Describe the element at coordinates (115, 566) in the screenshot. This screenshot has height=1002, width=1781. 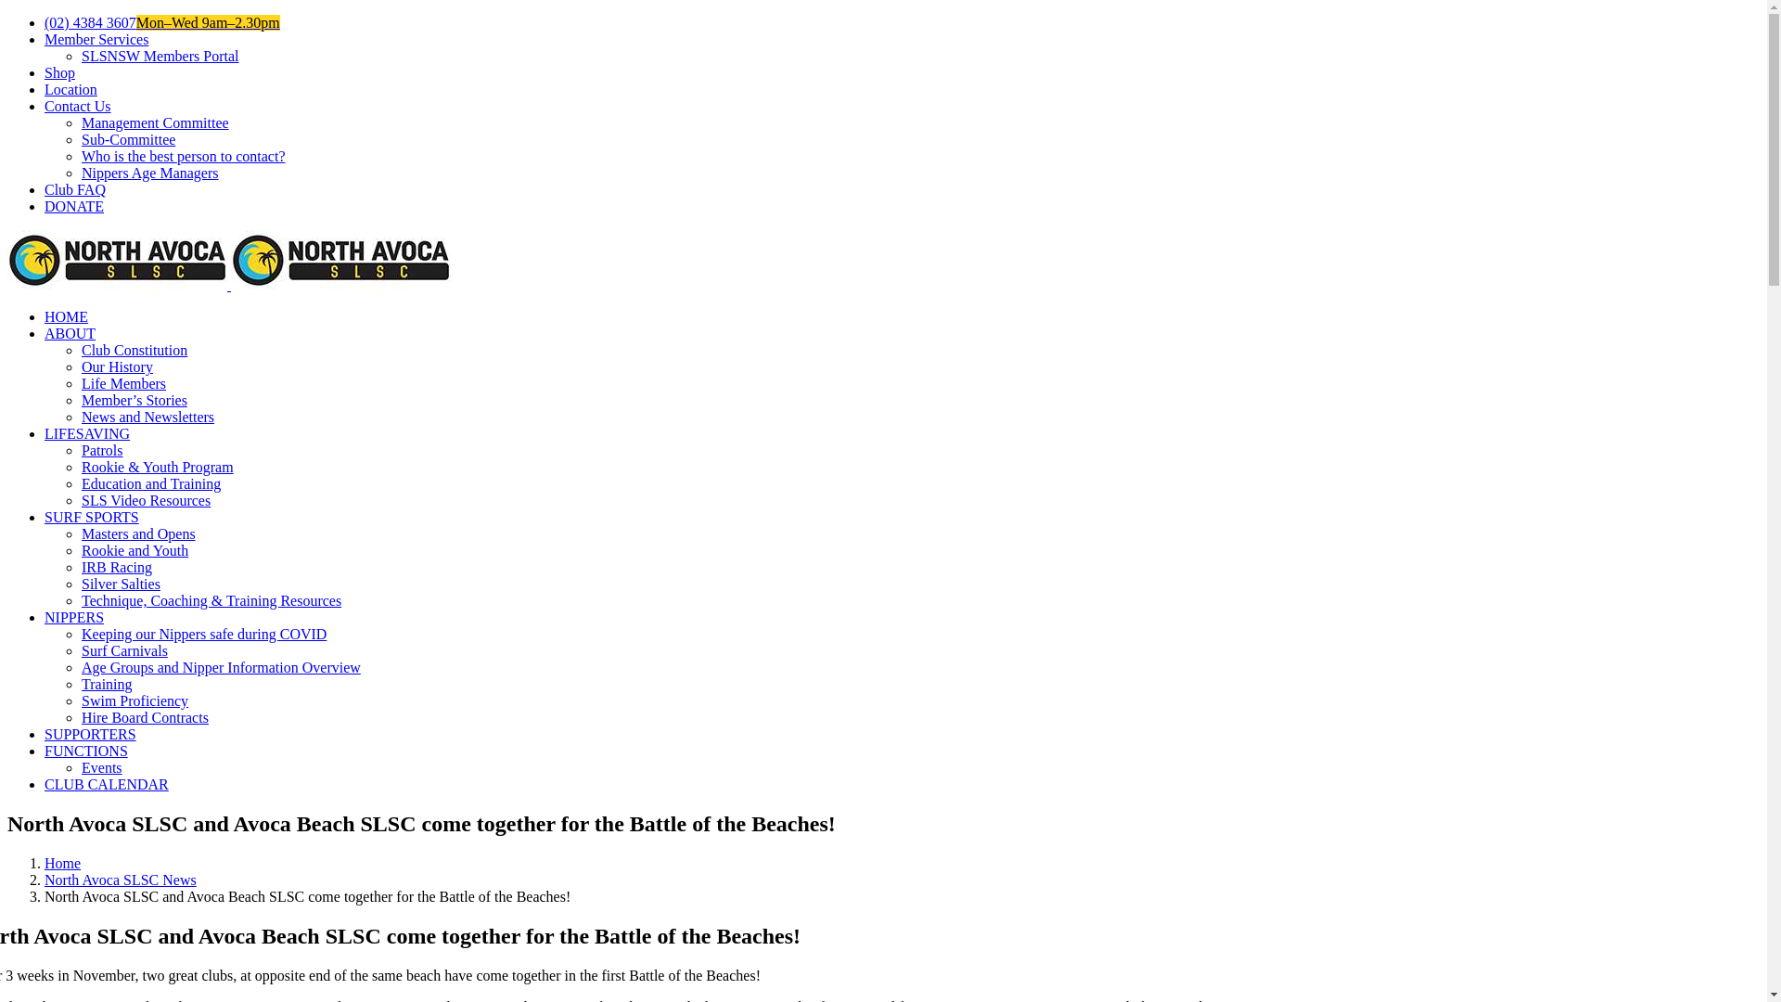
I see `'IRB Racing'` at that location.